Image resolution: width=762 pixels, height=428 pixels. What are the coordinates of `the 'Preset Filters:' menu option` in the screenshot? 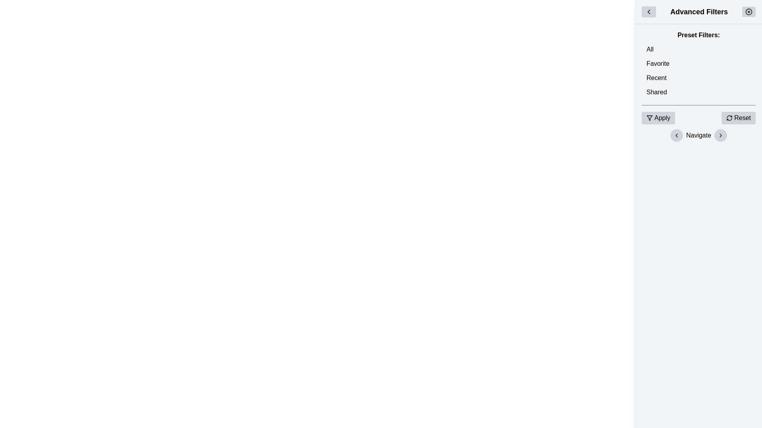 It's located at (698, 64).